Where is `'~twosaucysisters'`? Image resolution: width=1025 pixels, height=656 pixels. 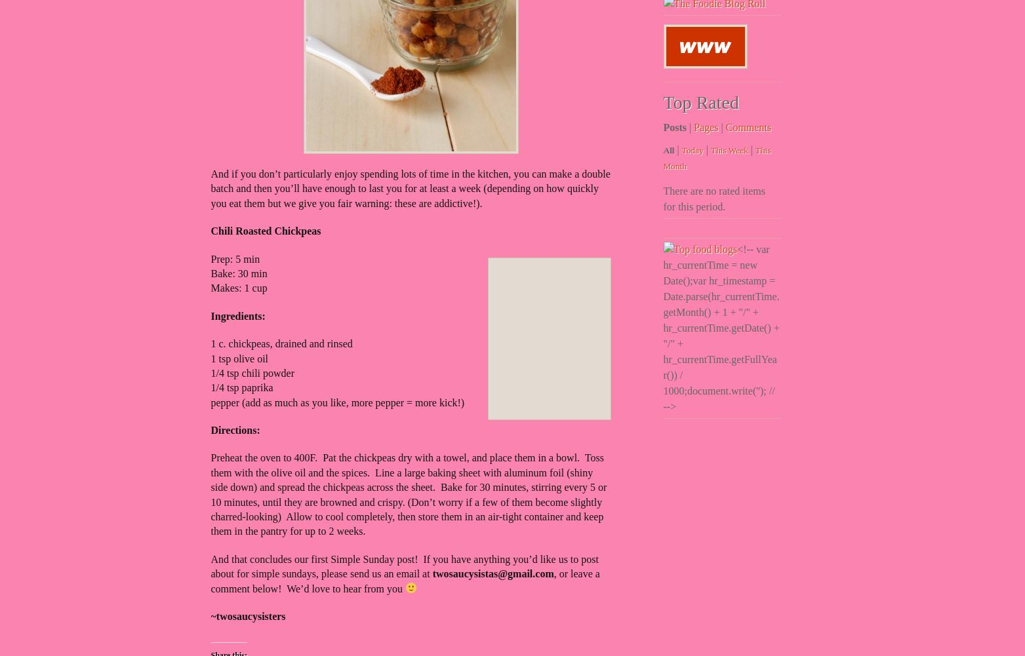
'~twosaucysisters' is located at coordinates (247, 615).